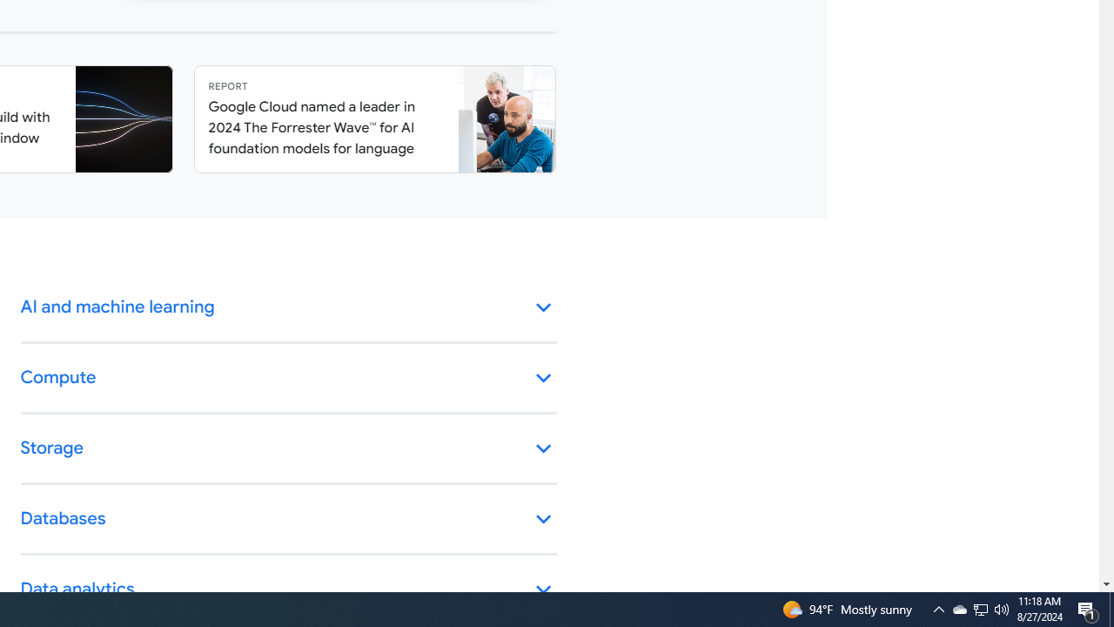 The image size is (1114, 627). Describe the element at coordinates (288, 448) in the screenshot. I see `'Storage keyboard_arrow_down'` at that location.